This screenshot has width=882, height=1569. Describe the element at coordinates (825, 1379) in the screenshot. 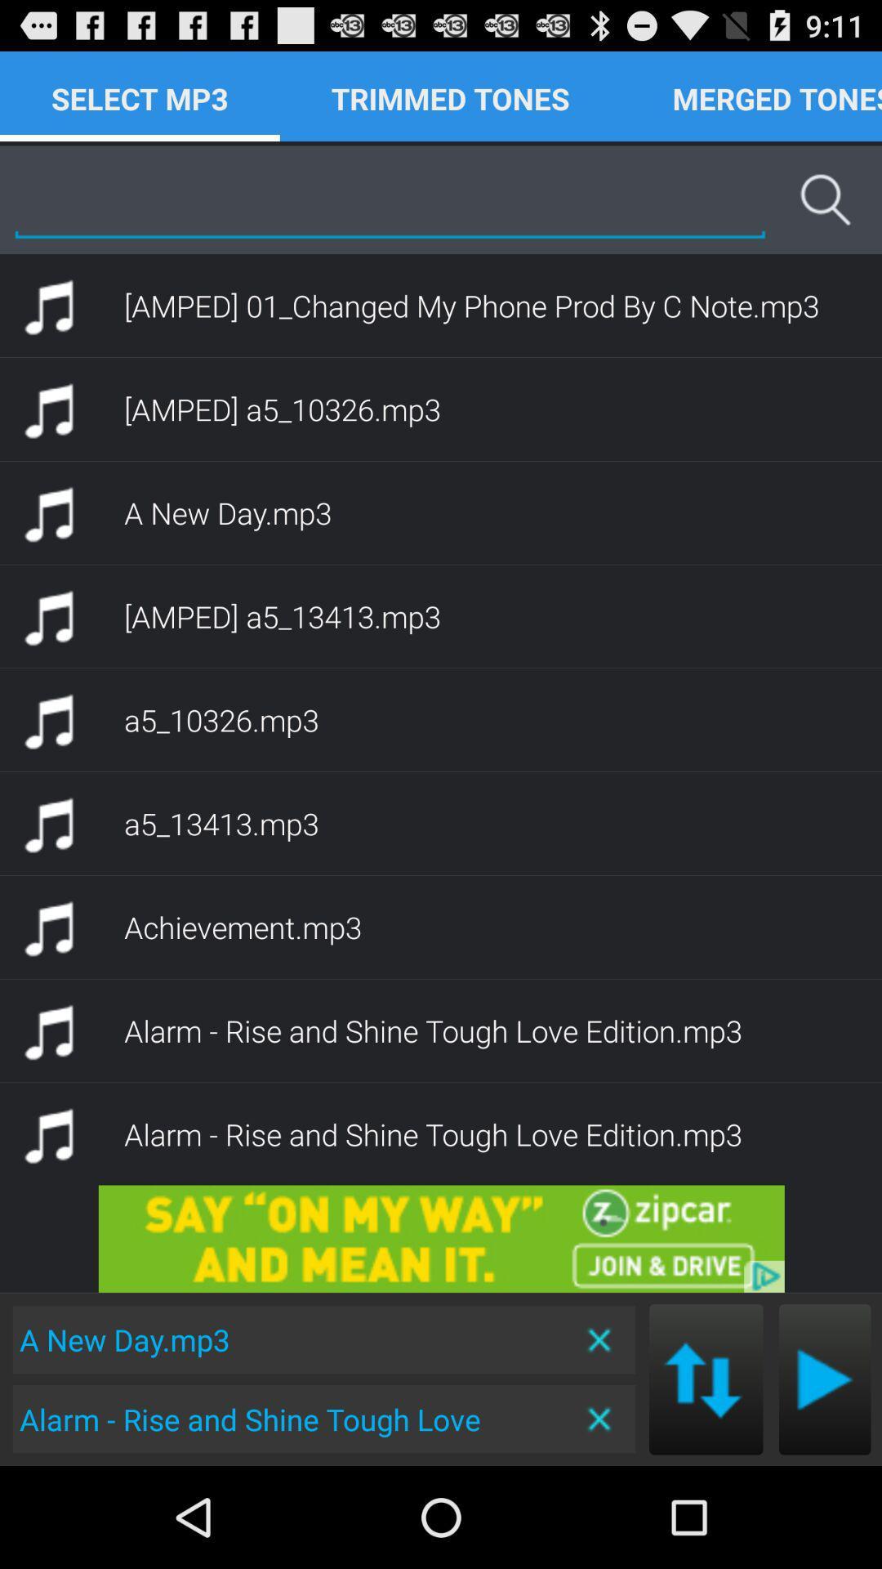

I see `pasta de musicas` at that location.